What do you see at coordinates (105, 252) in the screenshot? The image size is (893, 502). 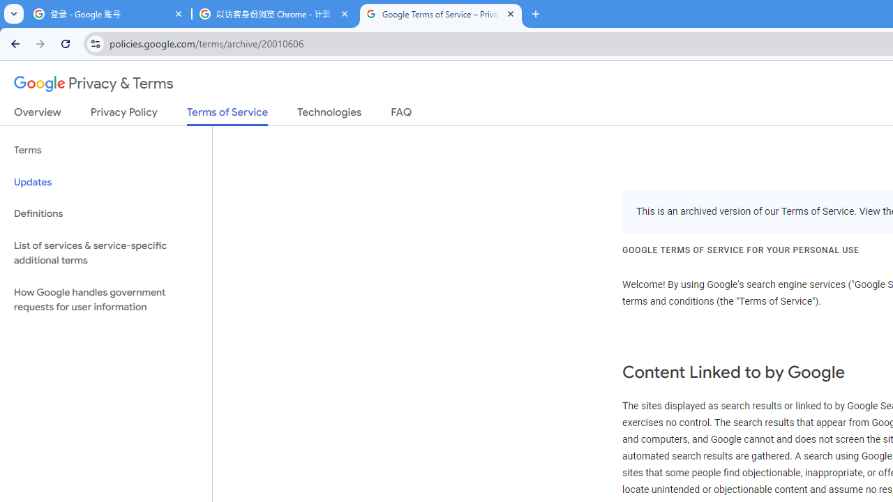 I see `'List of services & service-specific additional terms'` at bounding box center [105, 252].